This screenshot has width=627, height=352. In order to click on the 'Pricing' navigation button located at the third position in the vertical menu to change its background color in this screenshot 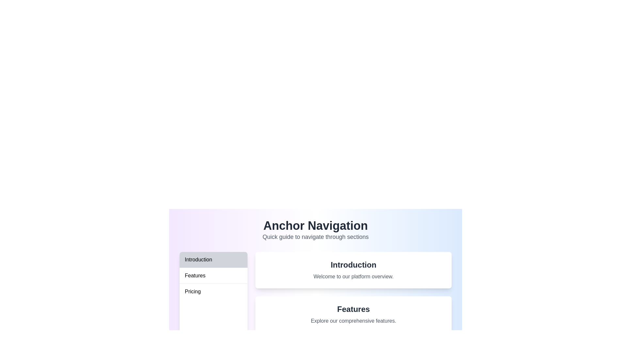, I will do `click(214, 291)`.